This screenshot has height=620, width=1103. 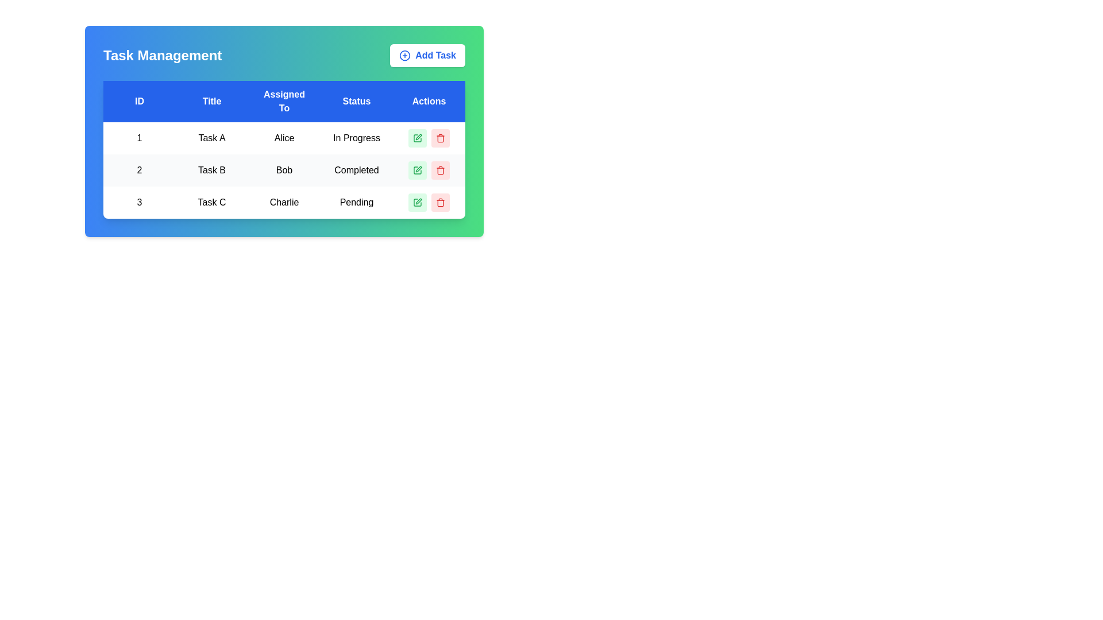 What do you see at coordinates (416, 170) in the screenshot?
I see `the edit icon button located in the 'Actions' column of the second row of the table` at bounding box center [416, 170].